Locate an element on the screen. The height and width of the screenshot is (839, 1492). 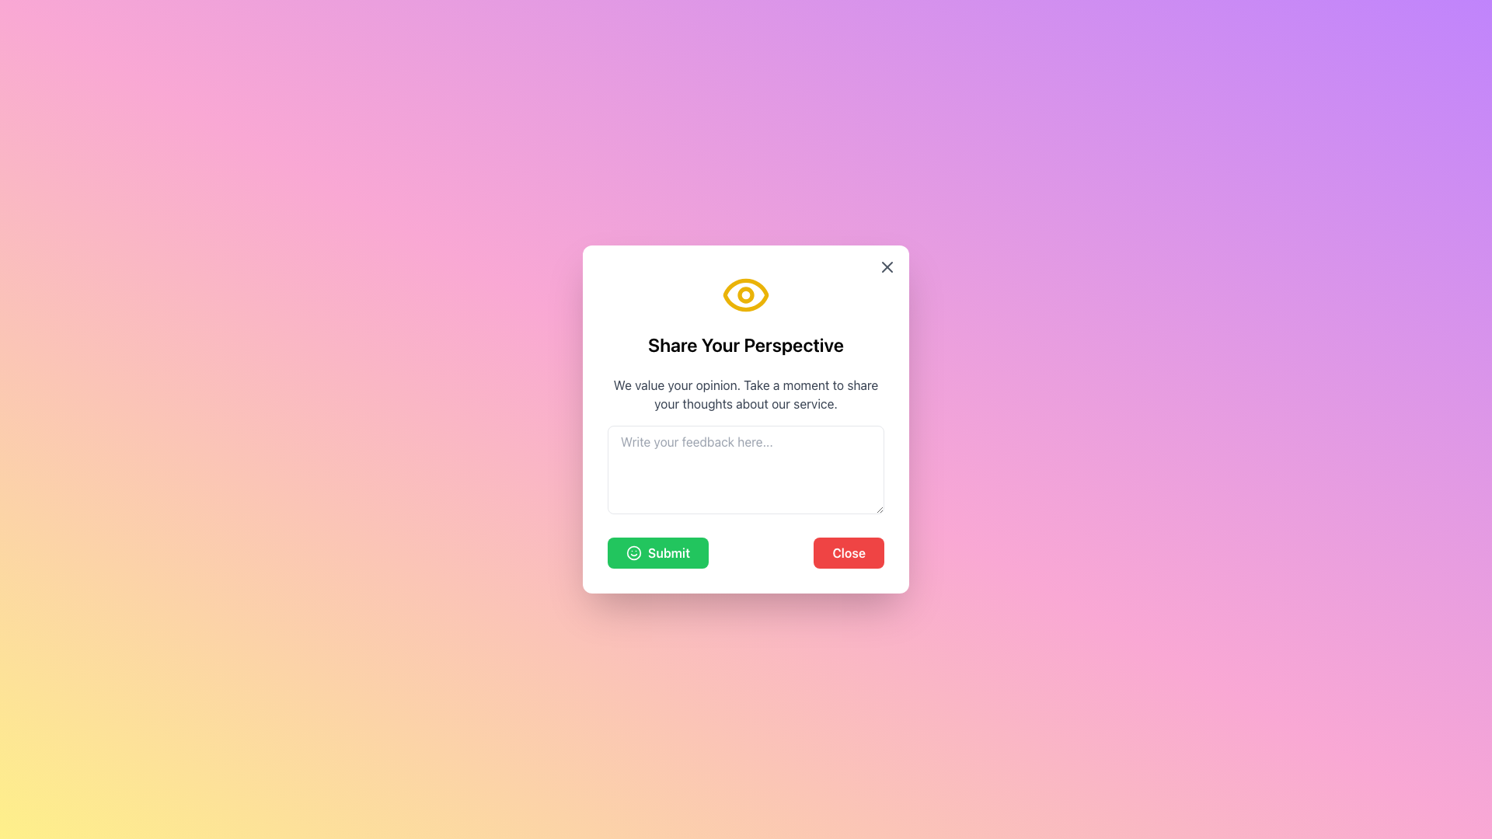
the green 'Submit' button that contains the SVG Circle icon located at the bottom-left side of the feedback modal is located at coordinates (634, 552).